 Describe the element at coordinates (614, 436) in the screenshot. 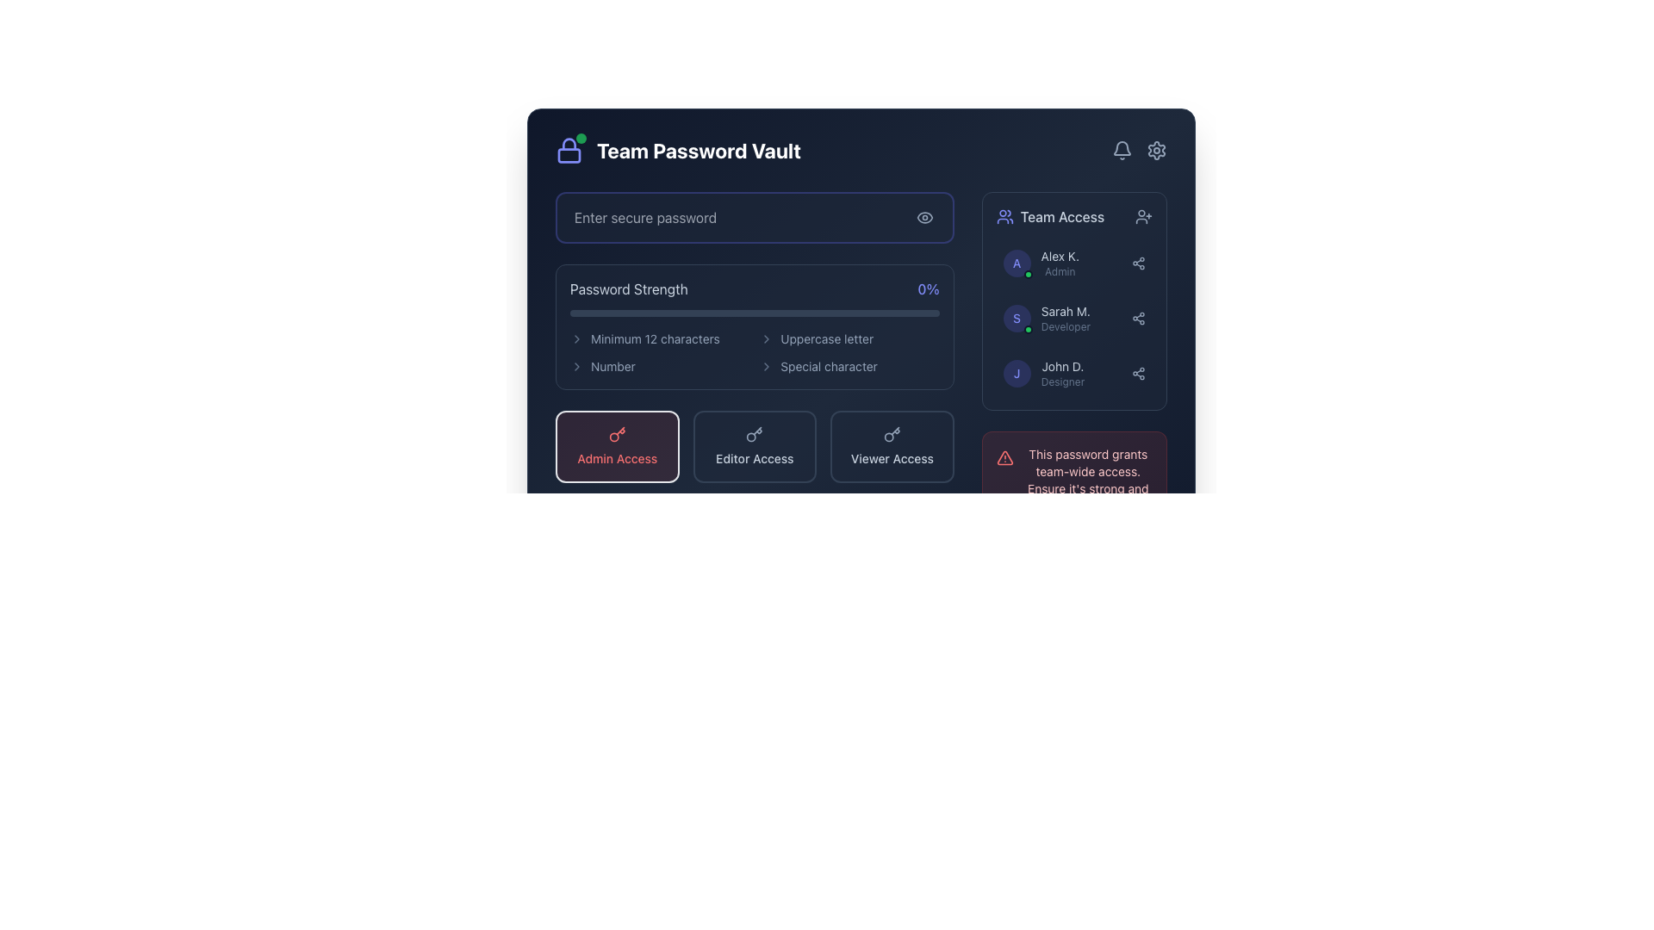

I see `the graphical decoration of the key icon located under the text 'Admin Access'` at that location.